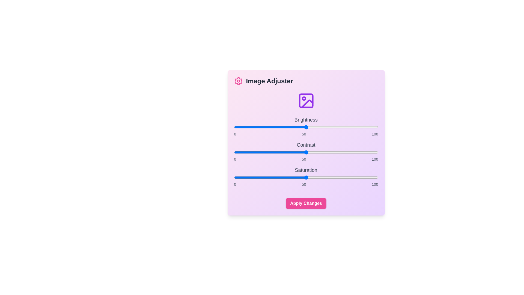 This screenshot has height=295, width=524. I want to click on the brightness slider to 53 value, so click(310, 127).